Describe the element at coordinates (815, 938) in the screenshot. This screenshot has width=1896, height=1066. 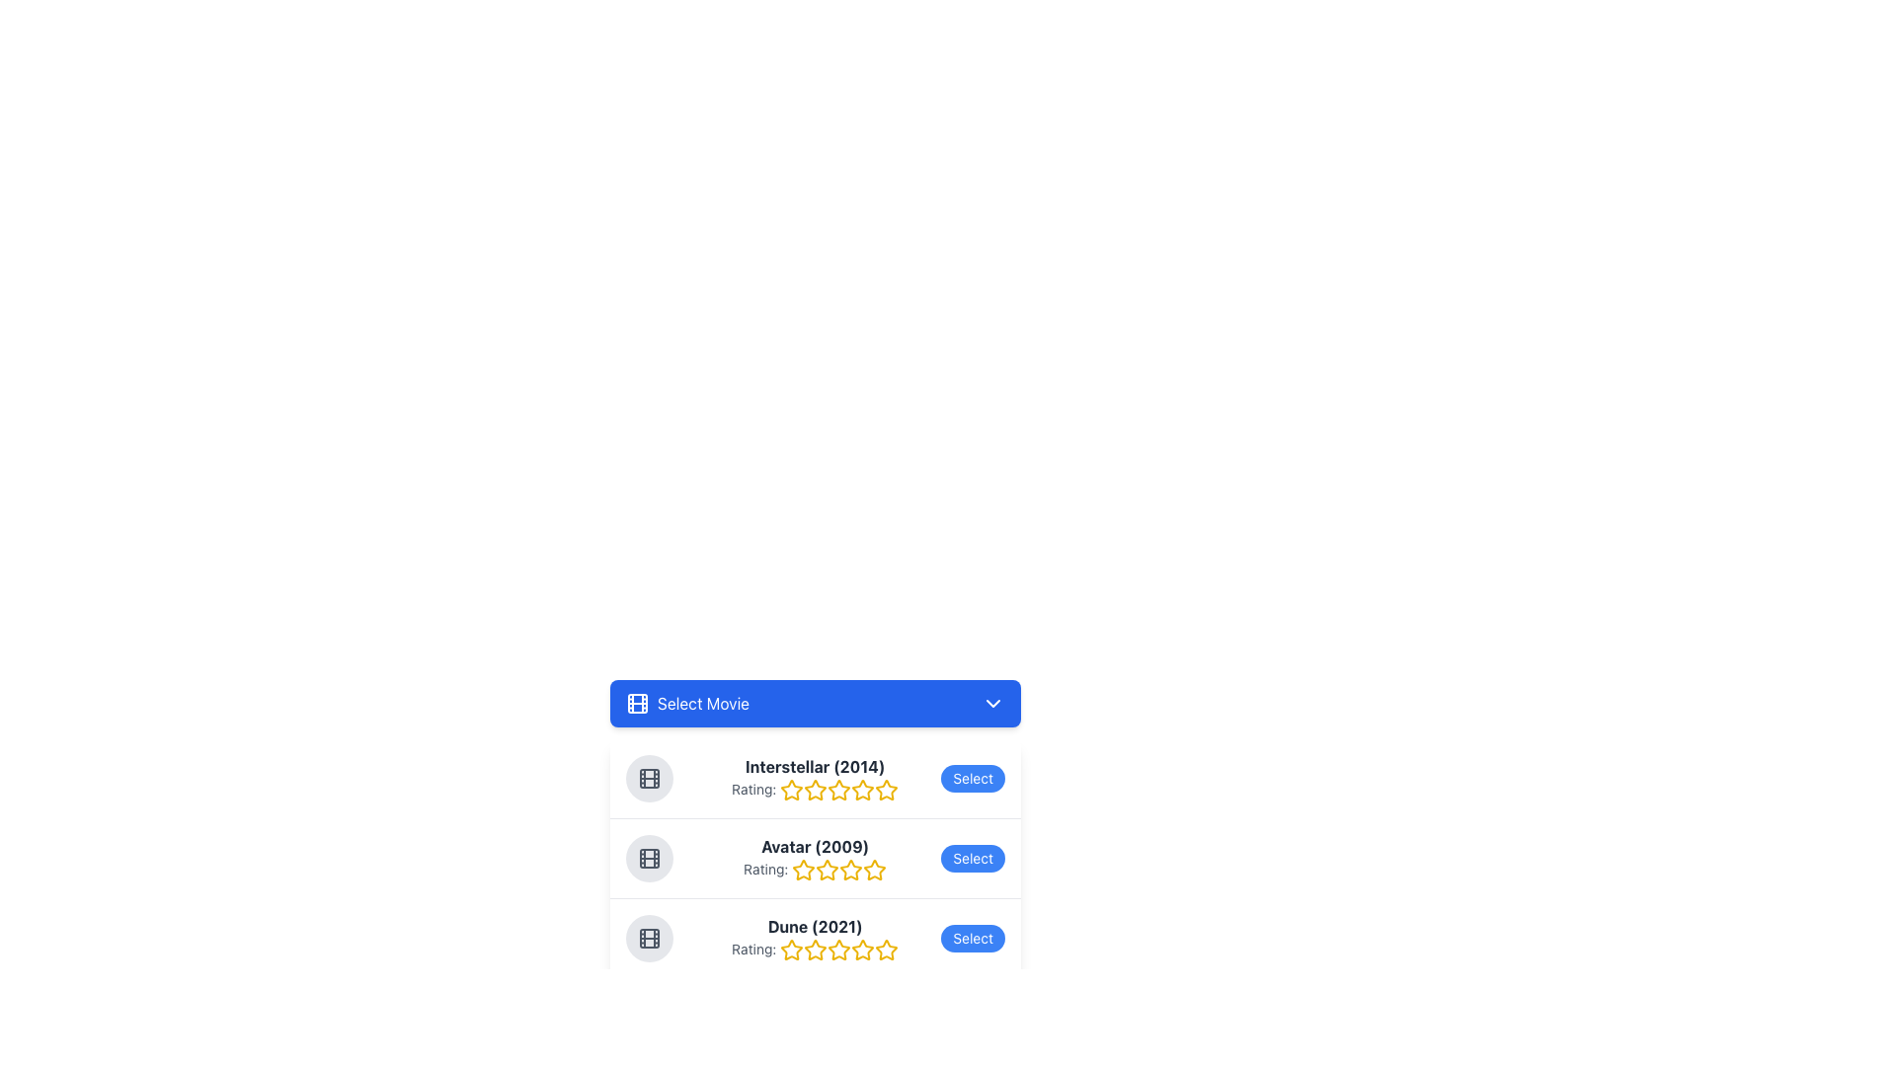
I see `movie title and rating displayed for 'Dune (2021)' in the Rating Display with Title element, which is the third item under the 'Select Movie' dropdown` at that location.